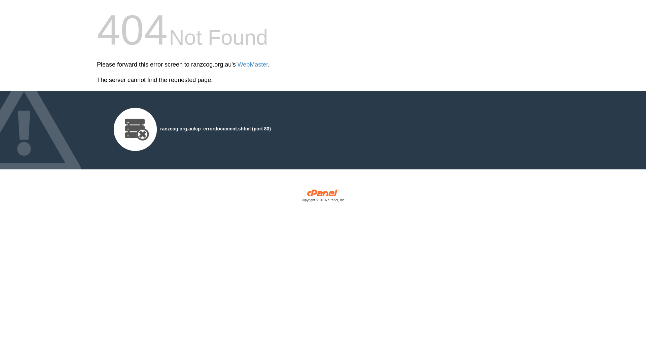 This screenshot has height=363, width=646. Describe the element at coordinates (252, 65) in the screenshot. I see `'WebMaster'` at that location.